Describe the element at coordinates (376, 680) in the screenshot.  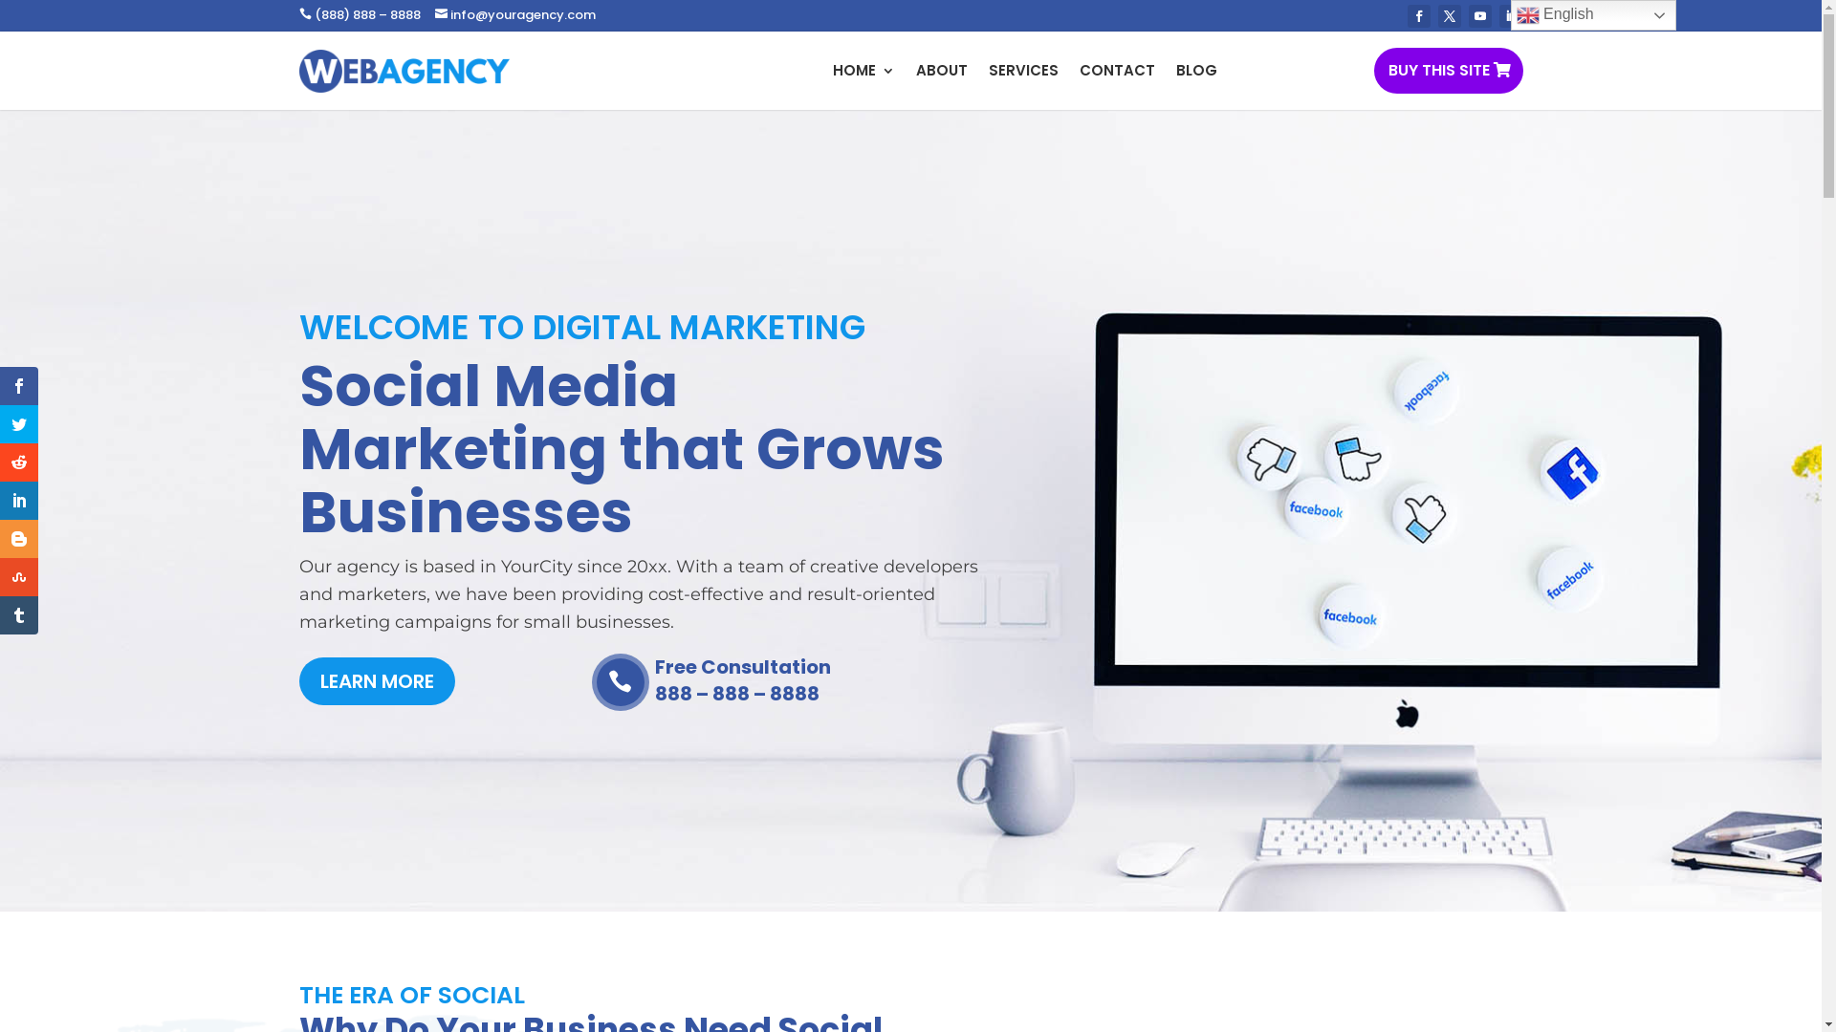
I see `'LEARN MORE'` at that location.